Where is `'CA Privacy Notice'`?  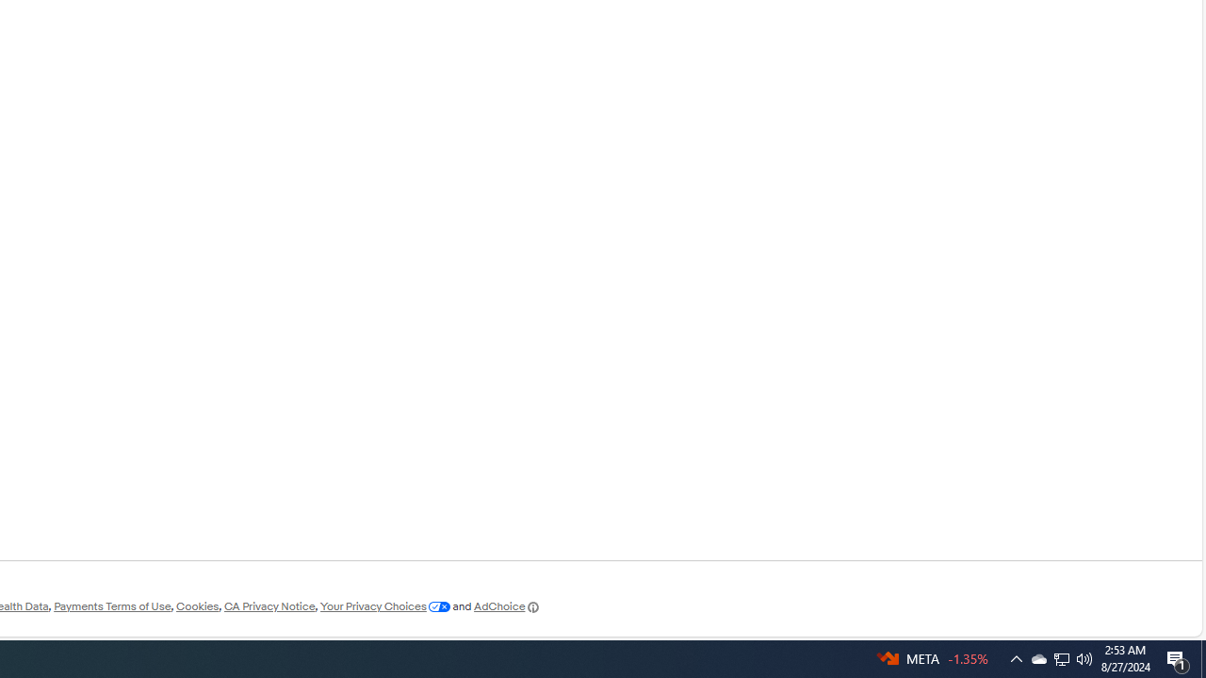 'CA Privacy Notice' is located at coordinates (269, 606).